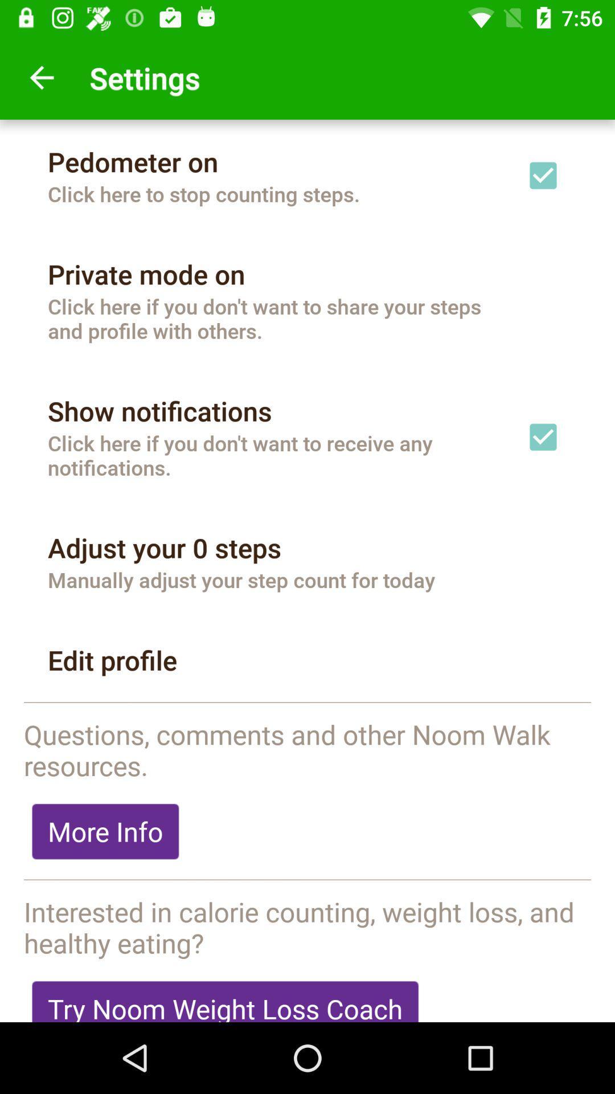  Describe the element at coordinates (307, 703) in the screenshot. I see `the icon above the questions comments and` at that location.